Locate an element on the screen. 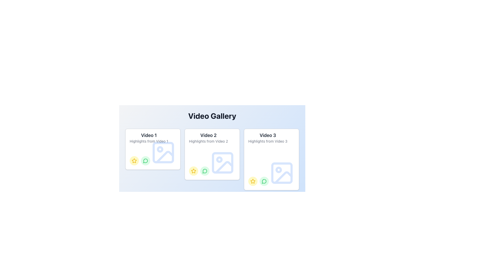  the favorite button located at the lower-left corner of the card labeled 'Video 1' to observe a visual change is located at coordinates (134, 226).